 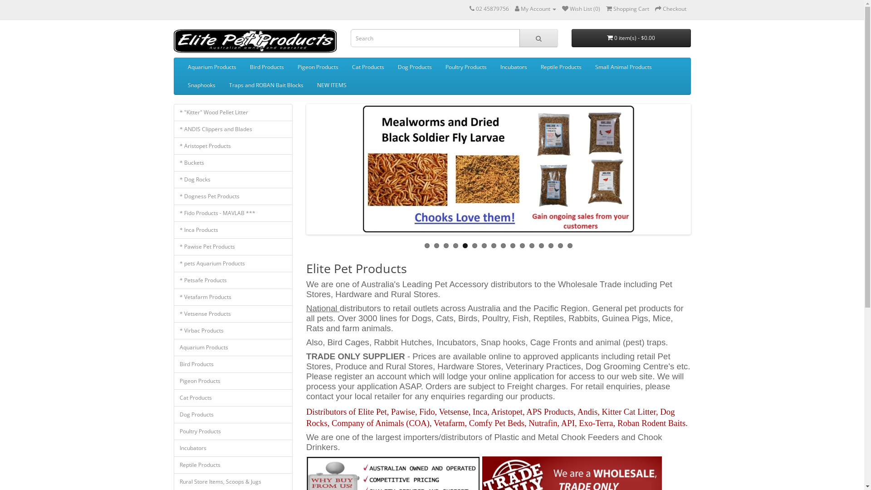 I want to click on '0 item(s) - $0.00', so click(x=631, y=38).